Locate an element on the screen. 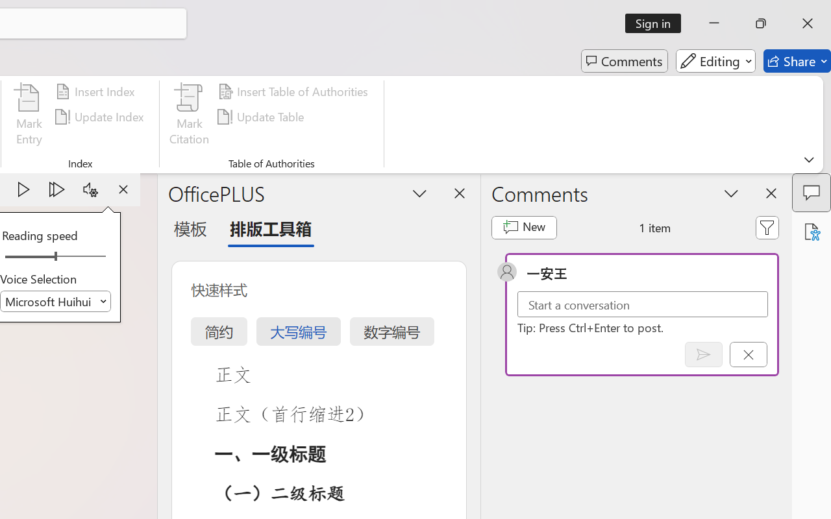 This screenshot has height=519, width=831. 'Mark Citation...' is located at coordinates (189, 116).